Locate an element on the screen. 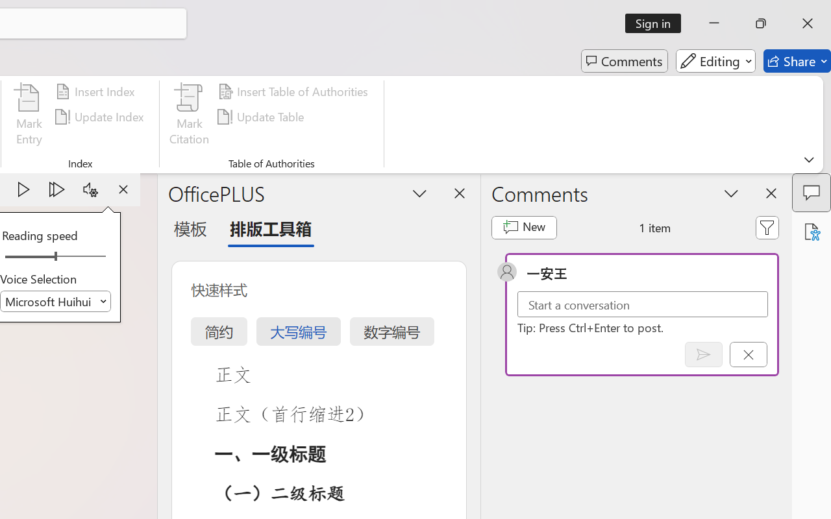 This screenshot has height=519, width=831. 'Mark Citation...' is located at coordinates (189, 116).